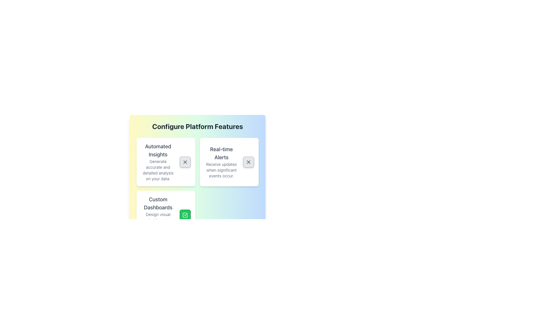 This screenshot has height=311, width=553. I want to click on the close icon located at the top-left part of the 'Automated Insights' card, so click(185, 162).